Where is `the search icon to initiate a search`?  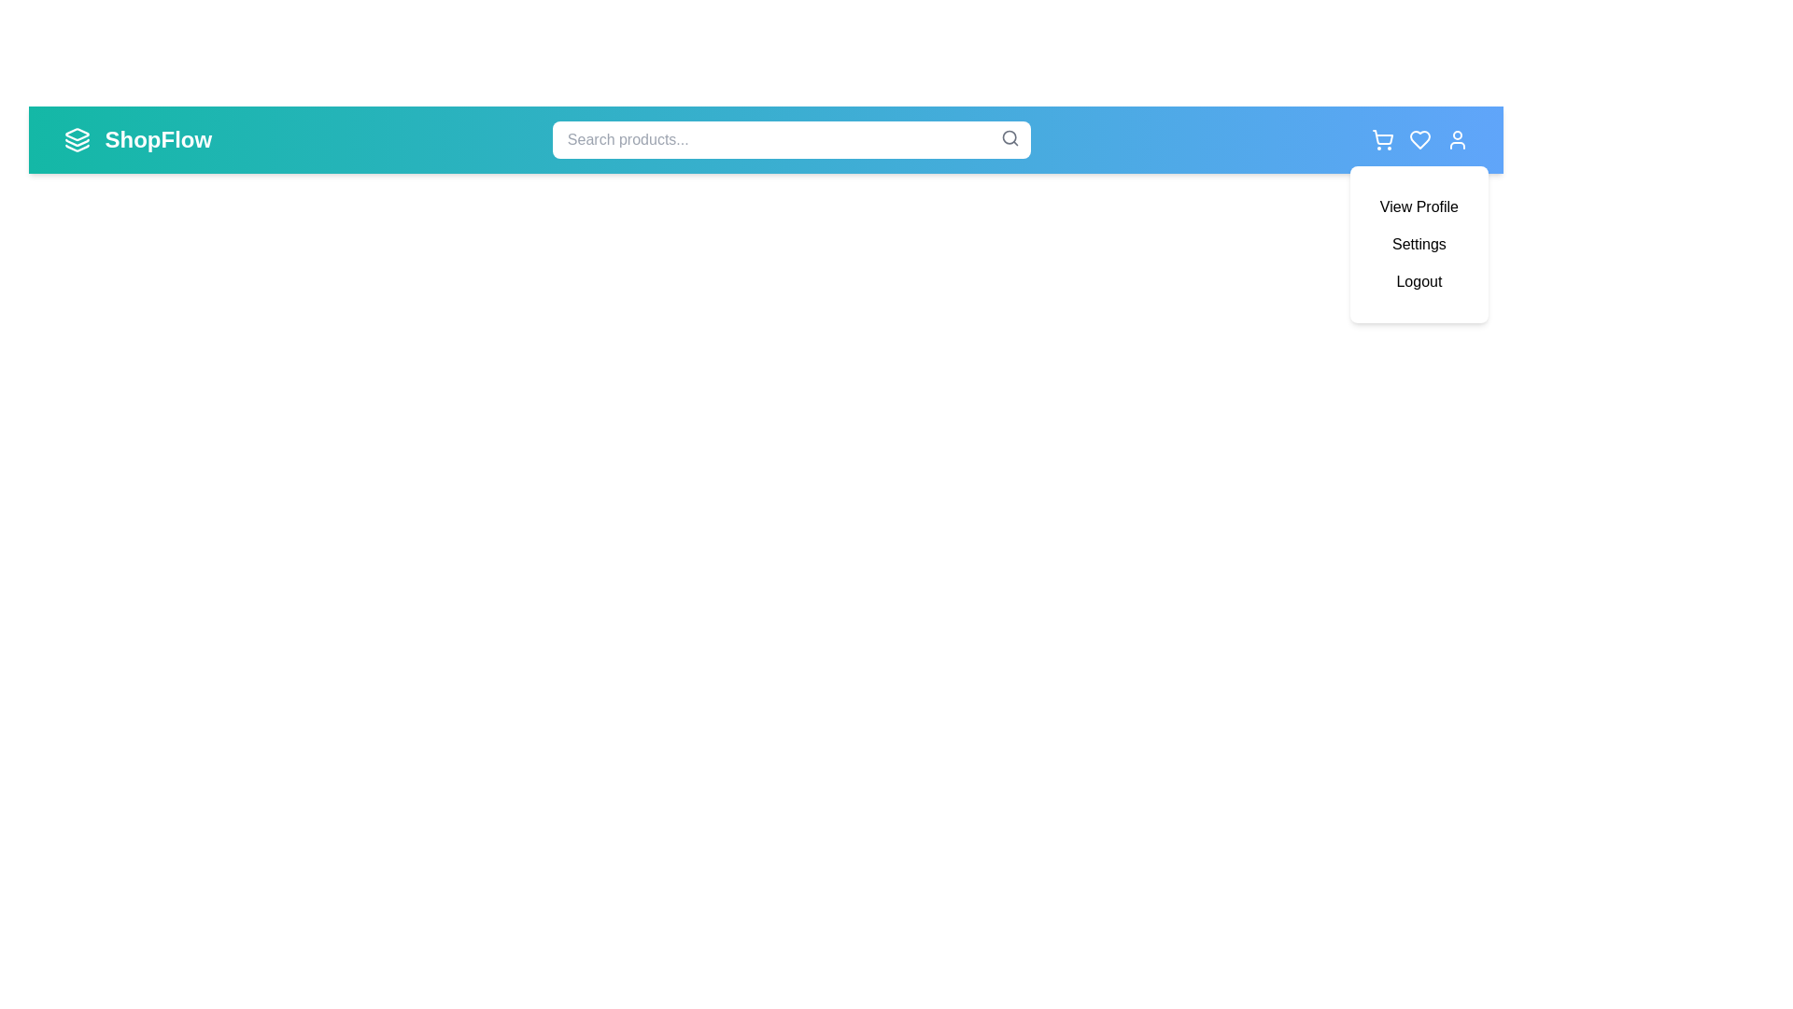
the search icon to initiate a search is located at coordinates (1009, 136).